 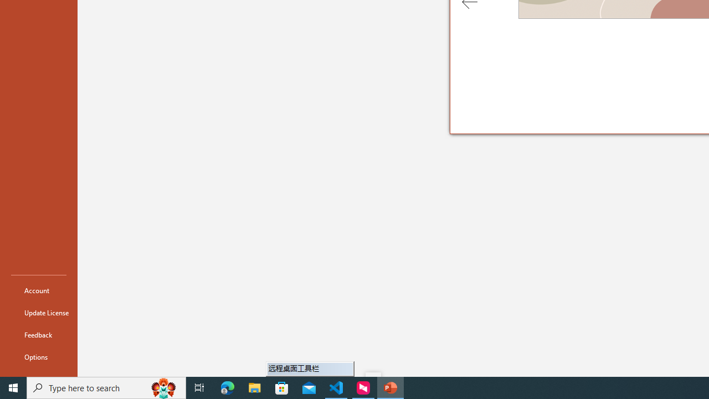 I want to click on 'Options', so click(x=38, y=357).